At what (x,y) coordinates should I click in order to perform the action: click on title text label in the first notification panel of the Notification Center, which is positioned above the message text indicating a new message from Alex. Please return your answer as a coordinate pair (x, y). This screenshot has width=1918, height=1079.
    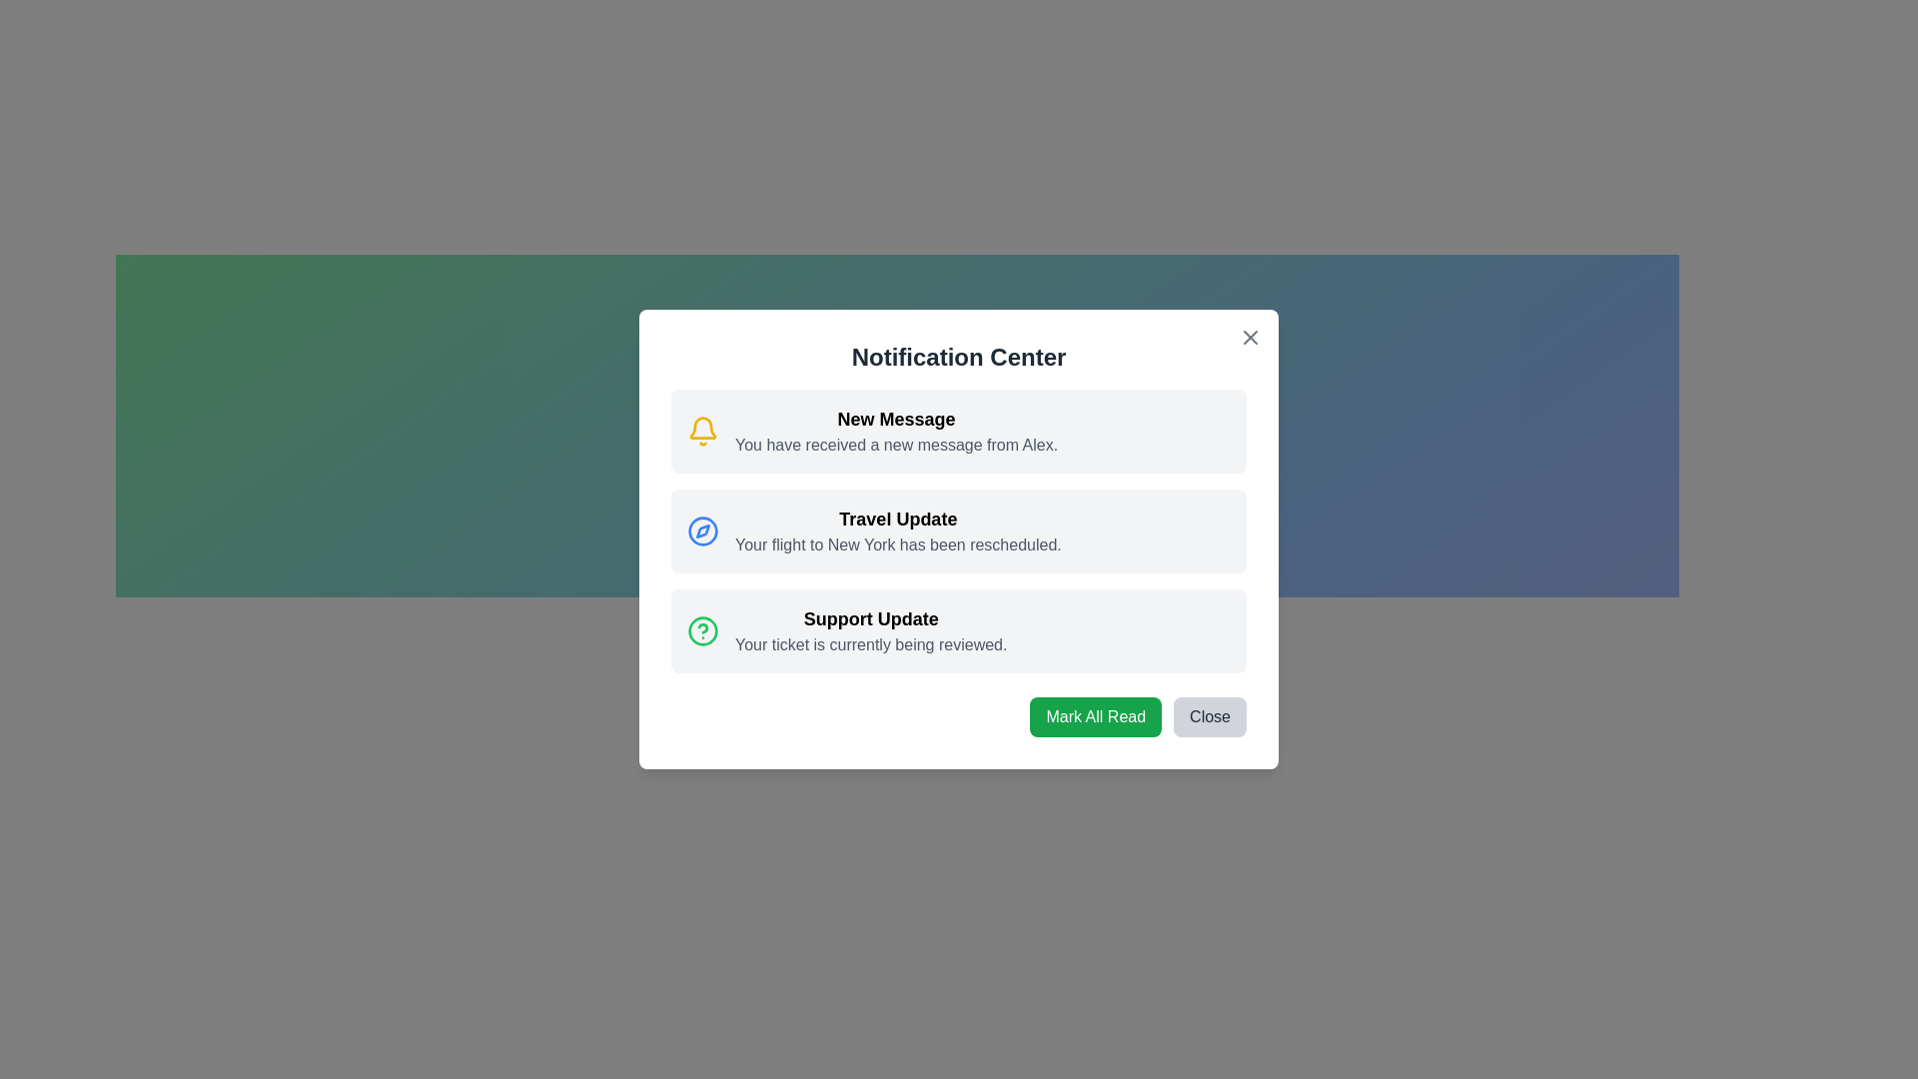
    Looking at the image, I should click on (895, 419).